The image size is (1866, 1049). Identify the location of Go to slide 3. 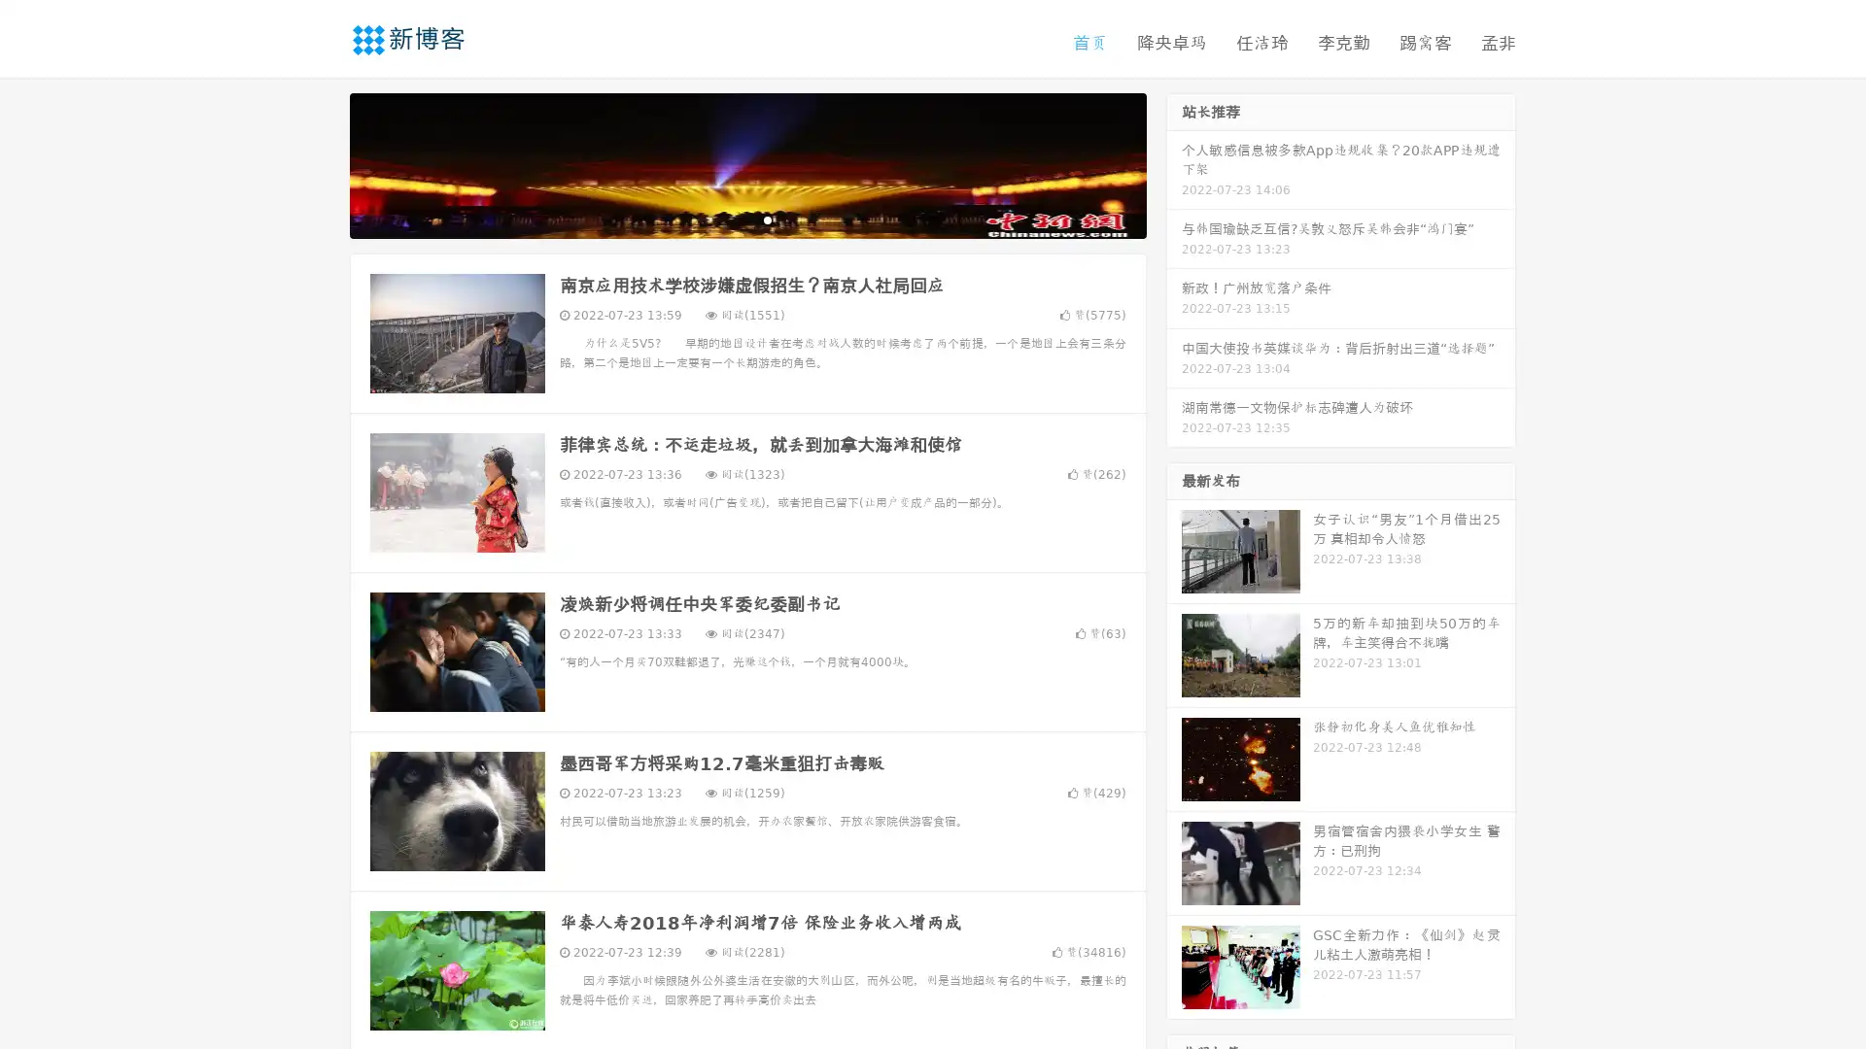
(767, 219).